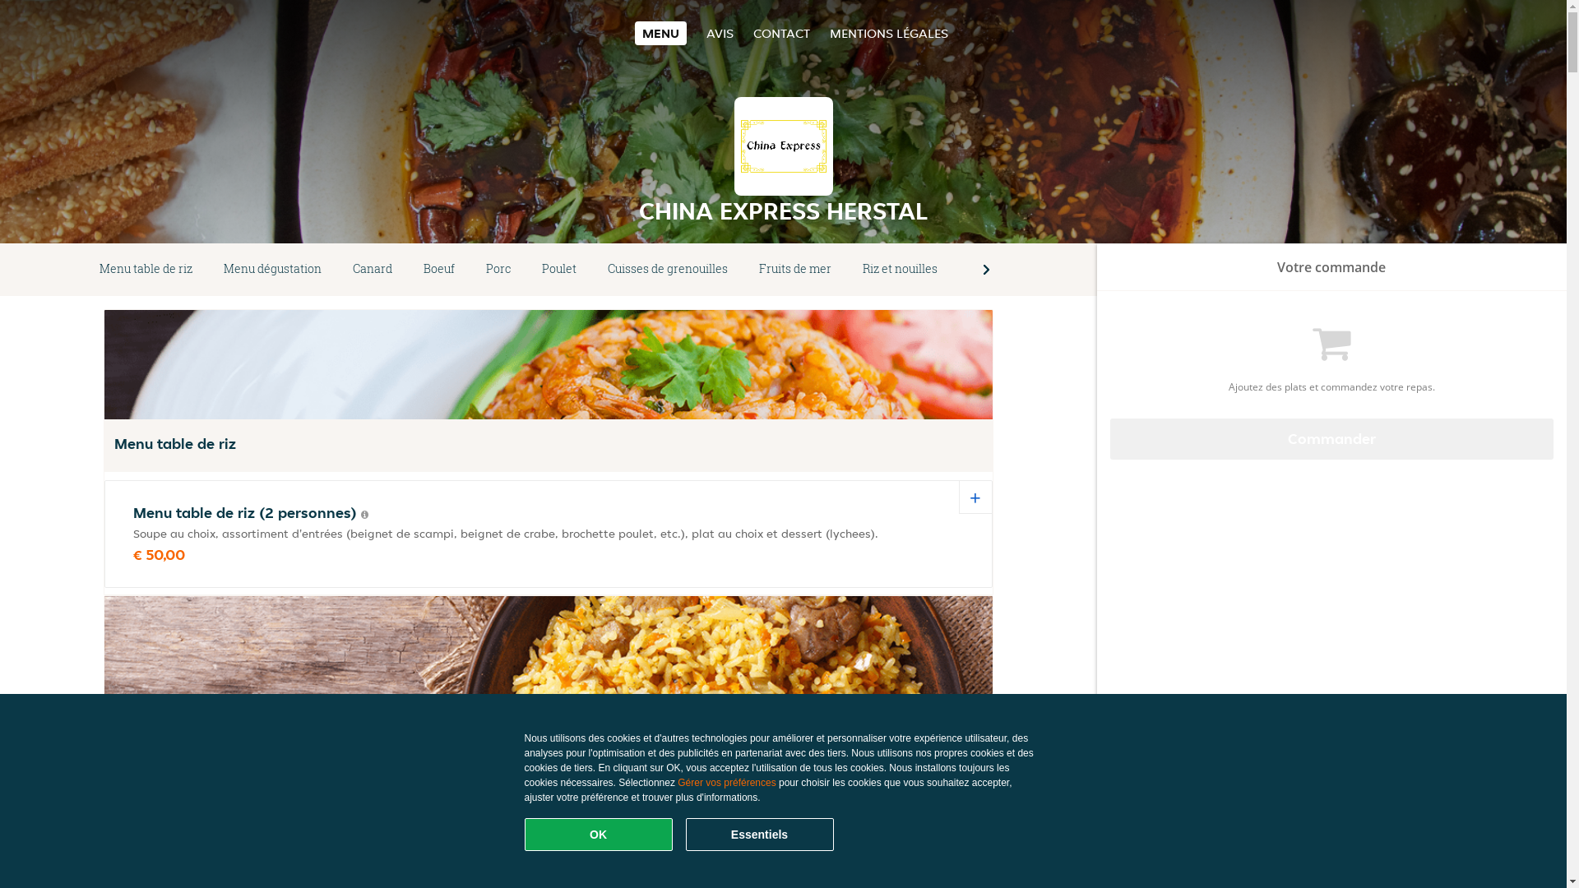  What do you see at coordinates (720, 33) in the screenshot?
I see `'AVIS'` at bounding box center [720, 33].